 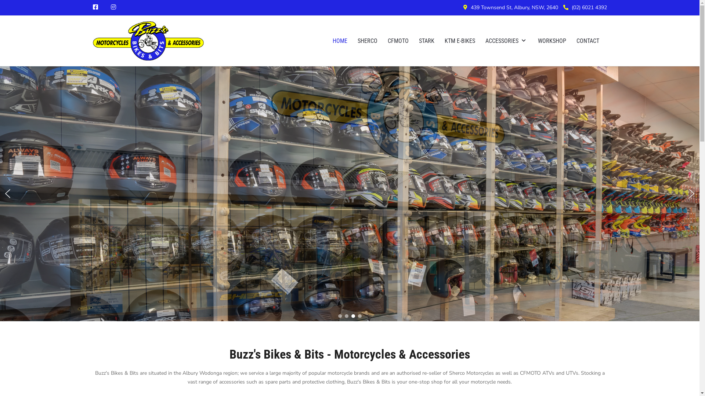 What do you see at coordinates (426, 41) in the screenshot?
I see `'STARK'` at bounding box center [426, 41].